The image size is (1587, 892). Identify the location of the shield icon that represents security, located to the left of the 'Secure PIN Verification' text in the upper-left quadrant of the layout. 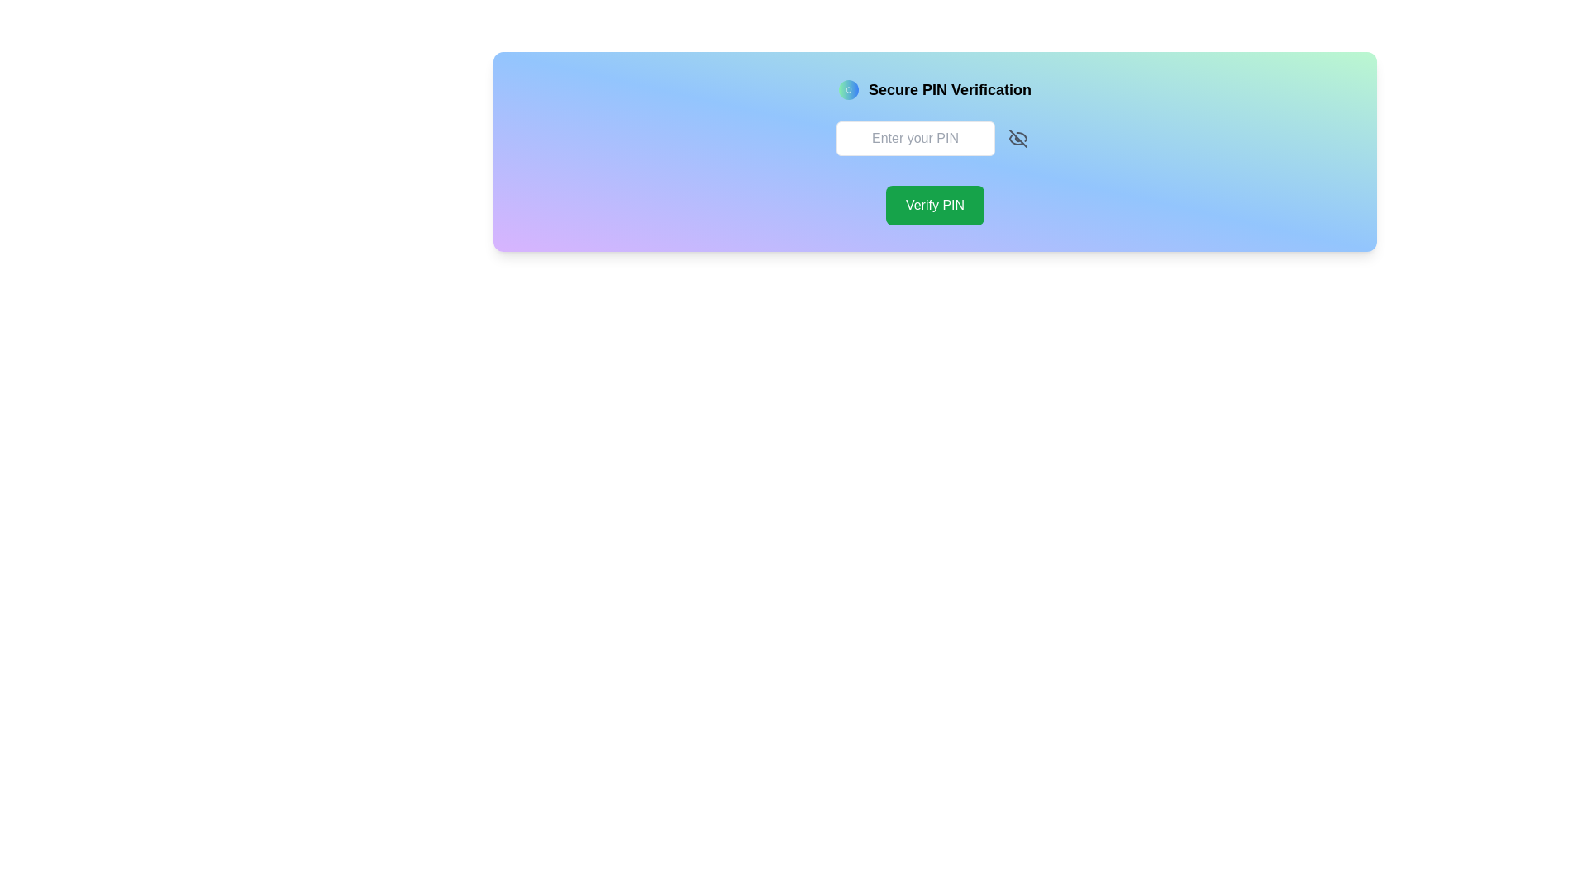
(849, 89).